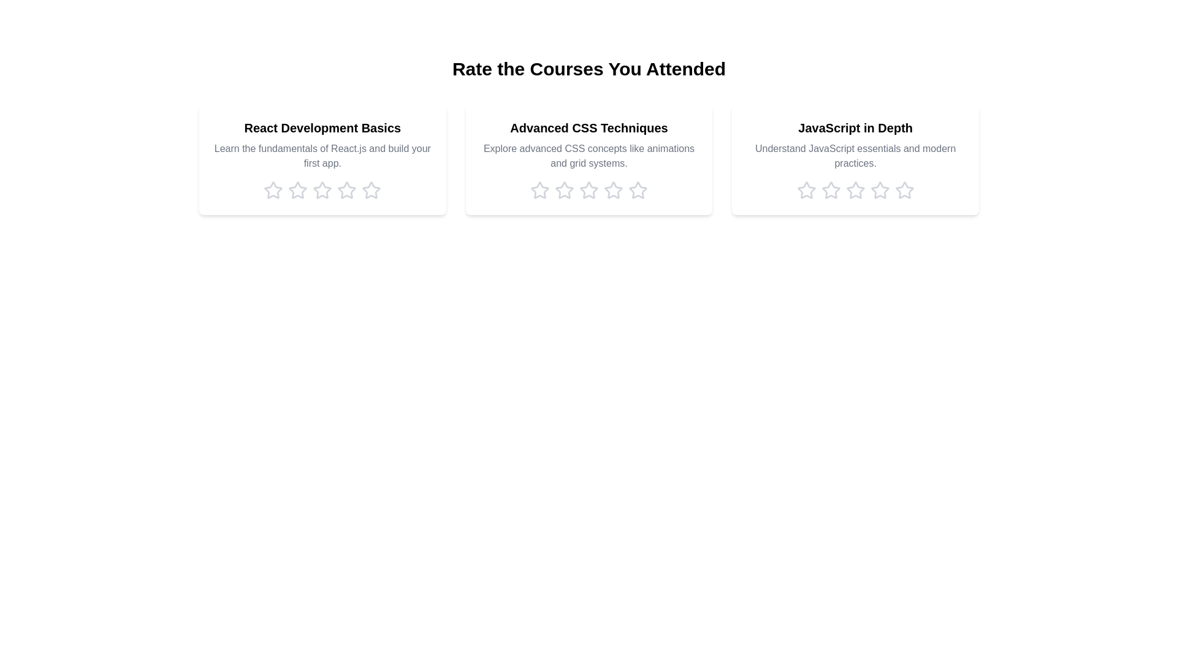 The height and width of the screenshot is (662, 1177). What do you see at coordinates (855, 155) in the screenshot?
I see `the description of the course titled 'JavaScript in Depth'` at bounding box center [855, 155].